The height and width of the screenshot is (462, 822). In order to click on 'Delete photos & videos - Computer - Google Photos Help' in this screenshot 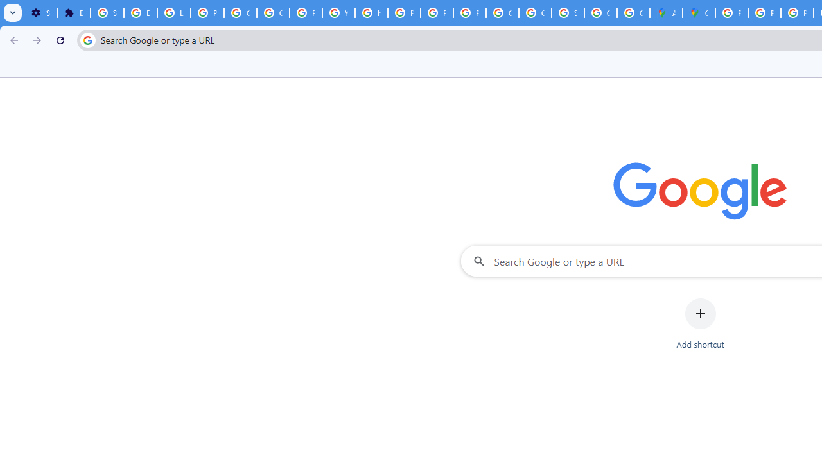, I will do `click(140, 13)`.